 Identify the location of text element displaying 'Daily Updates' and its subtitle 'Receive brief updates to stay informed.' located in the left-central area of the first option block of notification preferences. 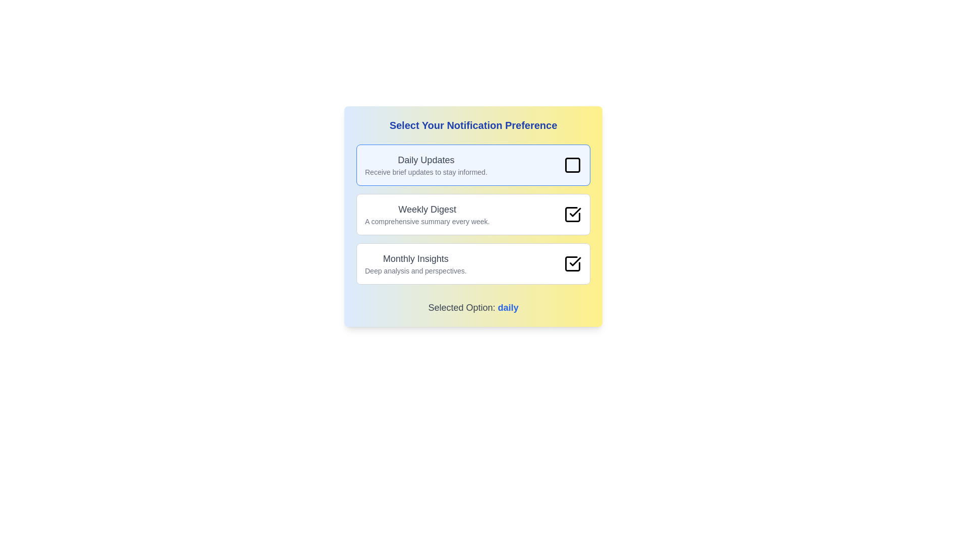
(426, 164).